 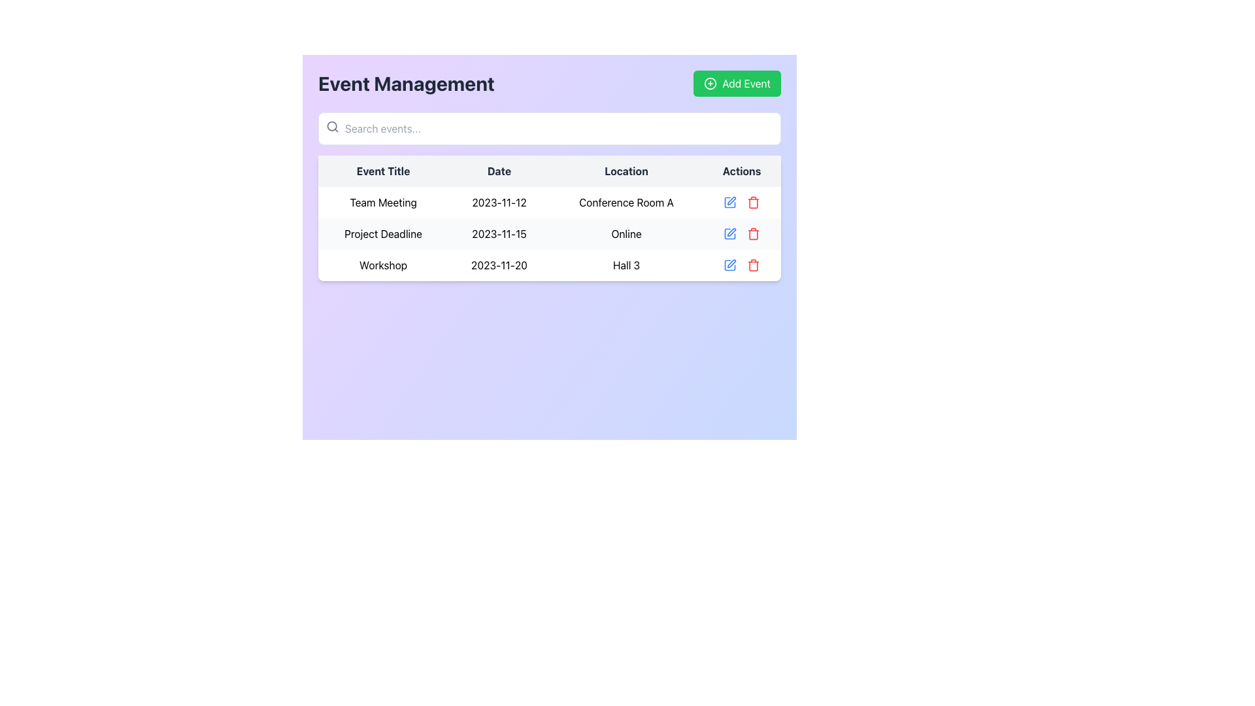 I want to click on the gray magnifying glass icon located at the left side of the search bar input area, so click(x=332, y=126).